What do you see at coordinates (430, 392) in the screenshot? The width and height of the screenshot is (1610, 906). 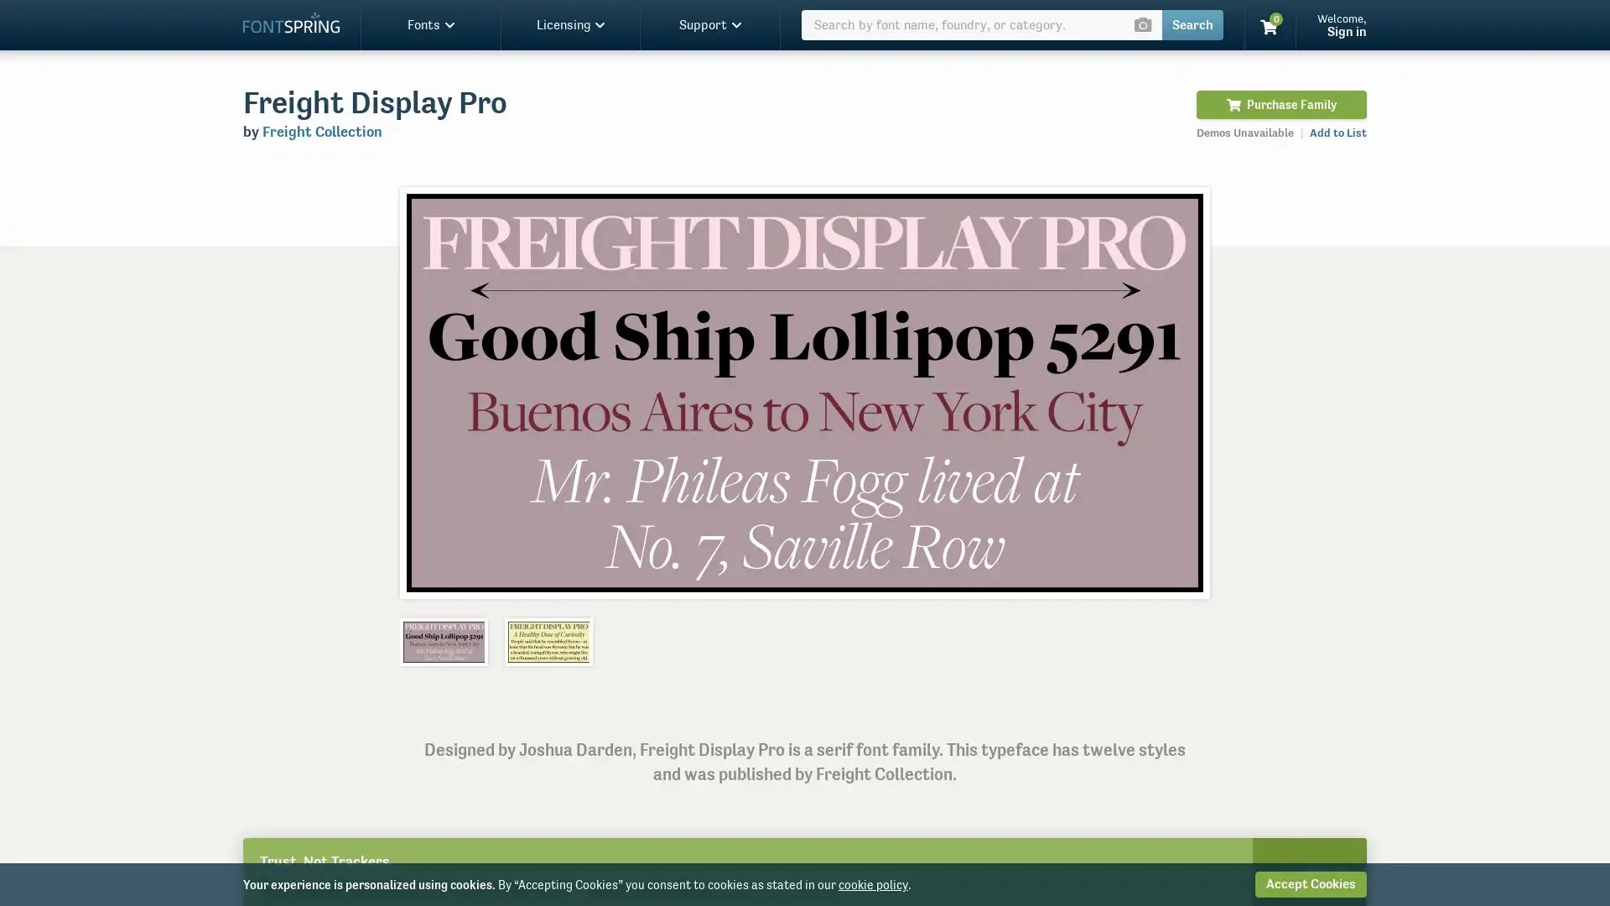 I see `Previous slide` at bounding box center [430, 392].